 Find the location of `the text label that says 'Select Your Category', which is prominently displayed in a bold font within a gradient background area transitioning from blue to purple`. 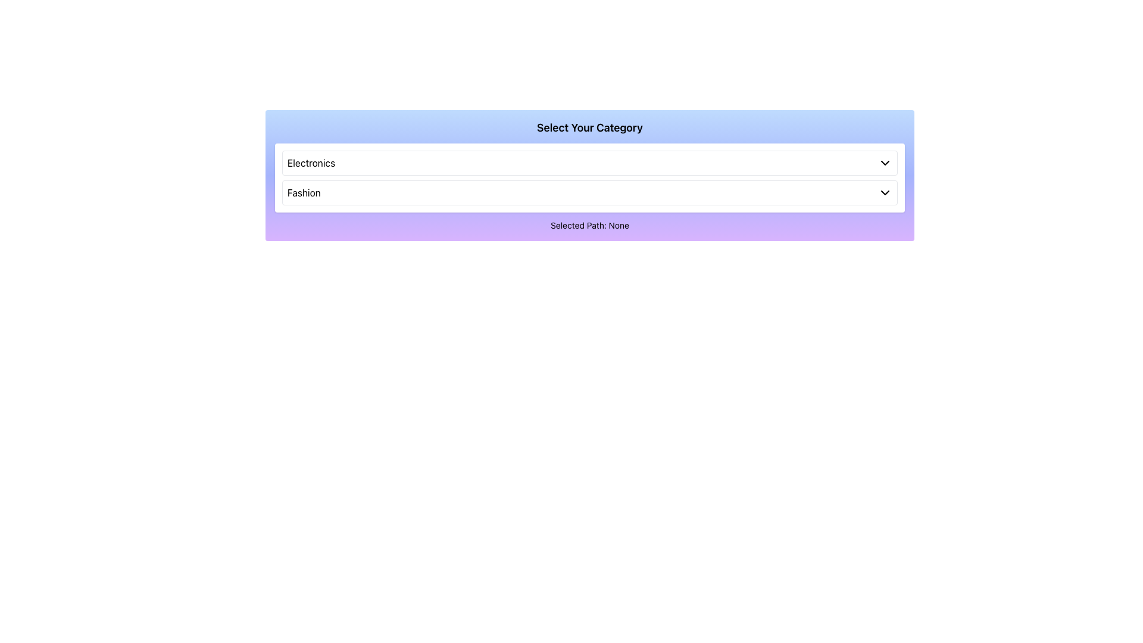

the text label that says 'Select Your Category', which is prominently displayed in a bold font within a gradient background area transitioning from blue to purple is located at coordinates (589, 128).